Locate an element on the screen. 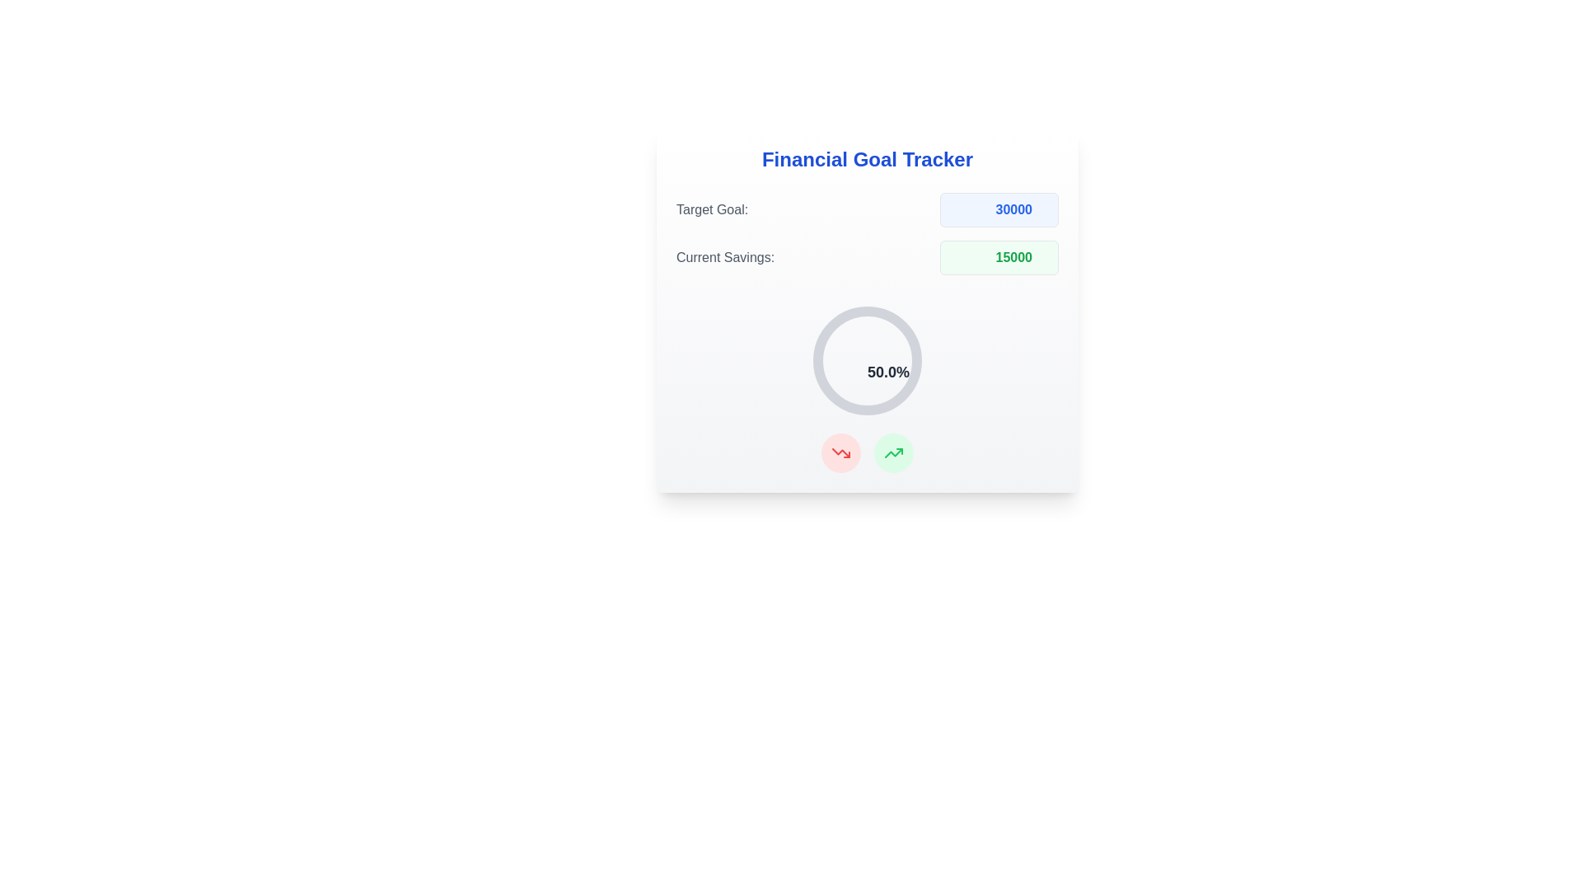  the Circular SVG progress indicator that is styled with a thin gray stroke, located below the 'Target Goal' and 'Current Savings' text fields is located at coordinates (866, 360).